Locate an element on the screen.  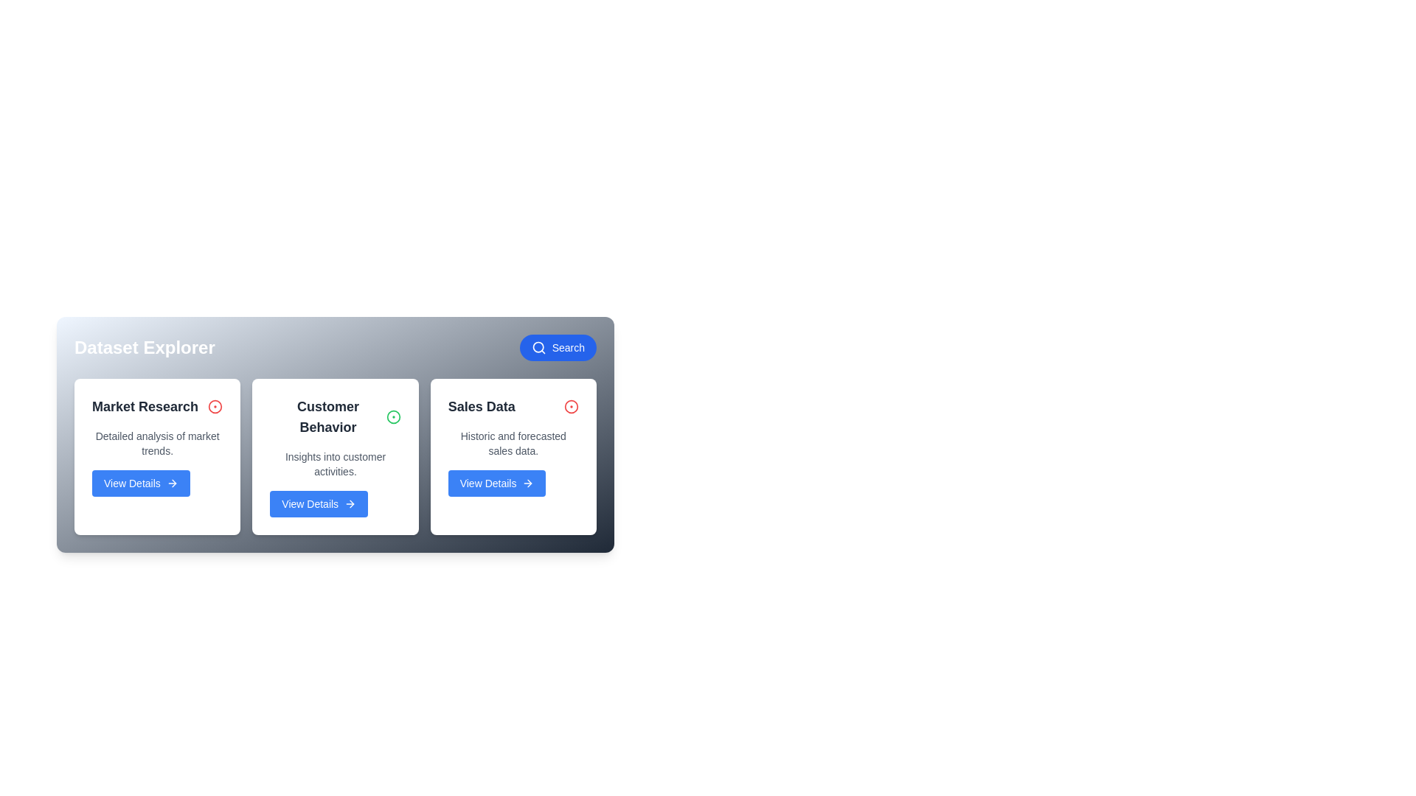
the 'View Details' button for the dataset named Sales Data is located at coordinates (497, 483).